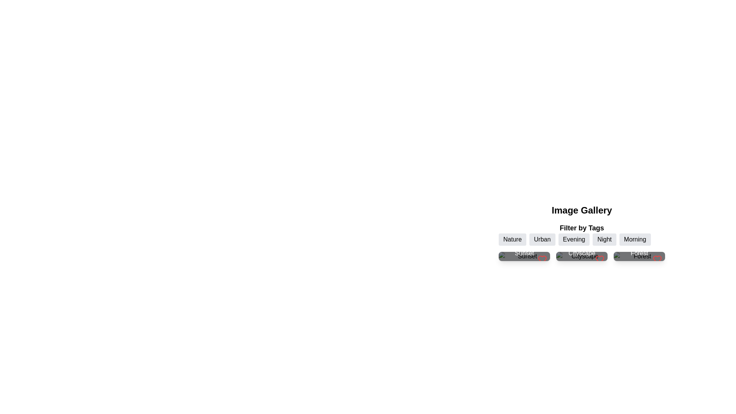 The height and width of the screenshot is (414, 736). What do you see at coordinates (582, 256) in the screenshot?
I see `the Image card with caption representing a cityscape, positioned as the second card in the 'Image Gallery', between the 'Sunset' and 'Forest' cards` at bounding box center [582, 256].